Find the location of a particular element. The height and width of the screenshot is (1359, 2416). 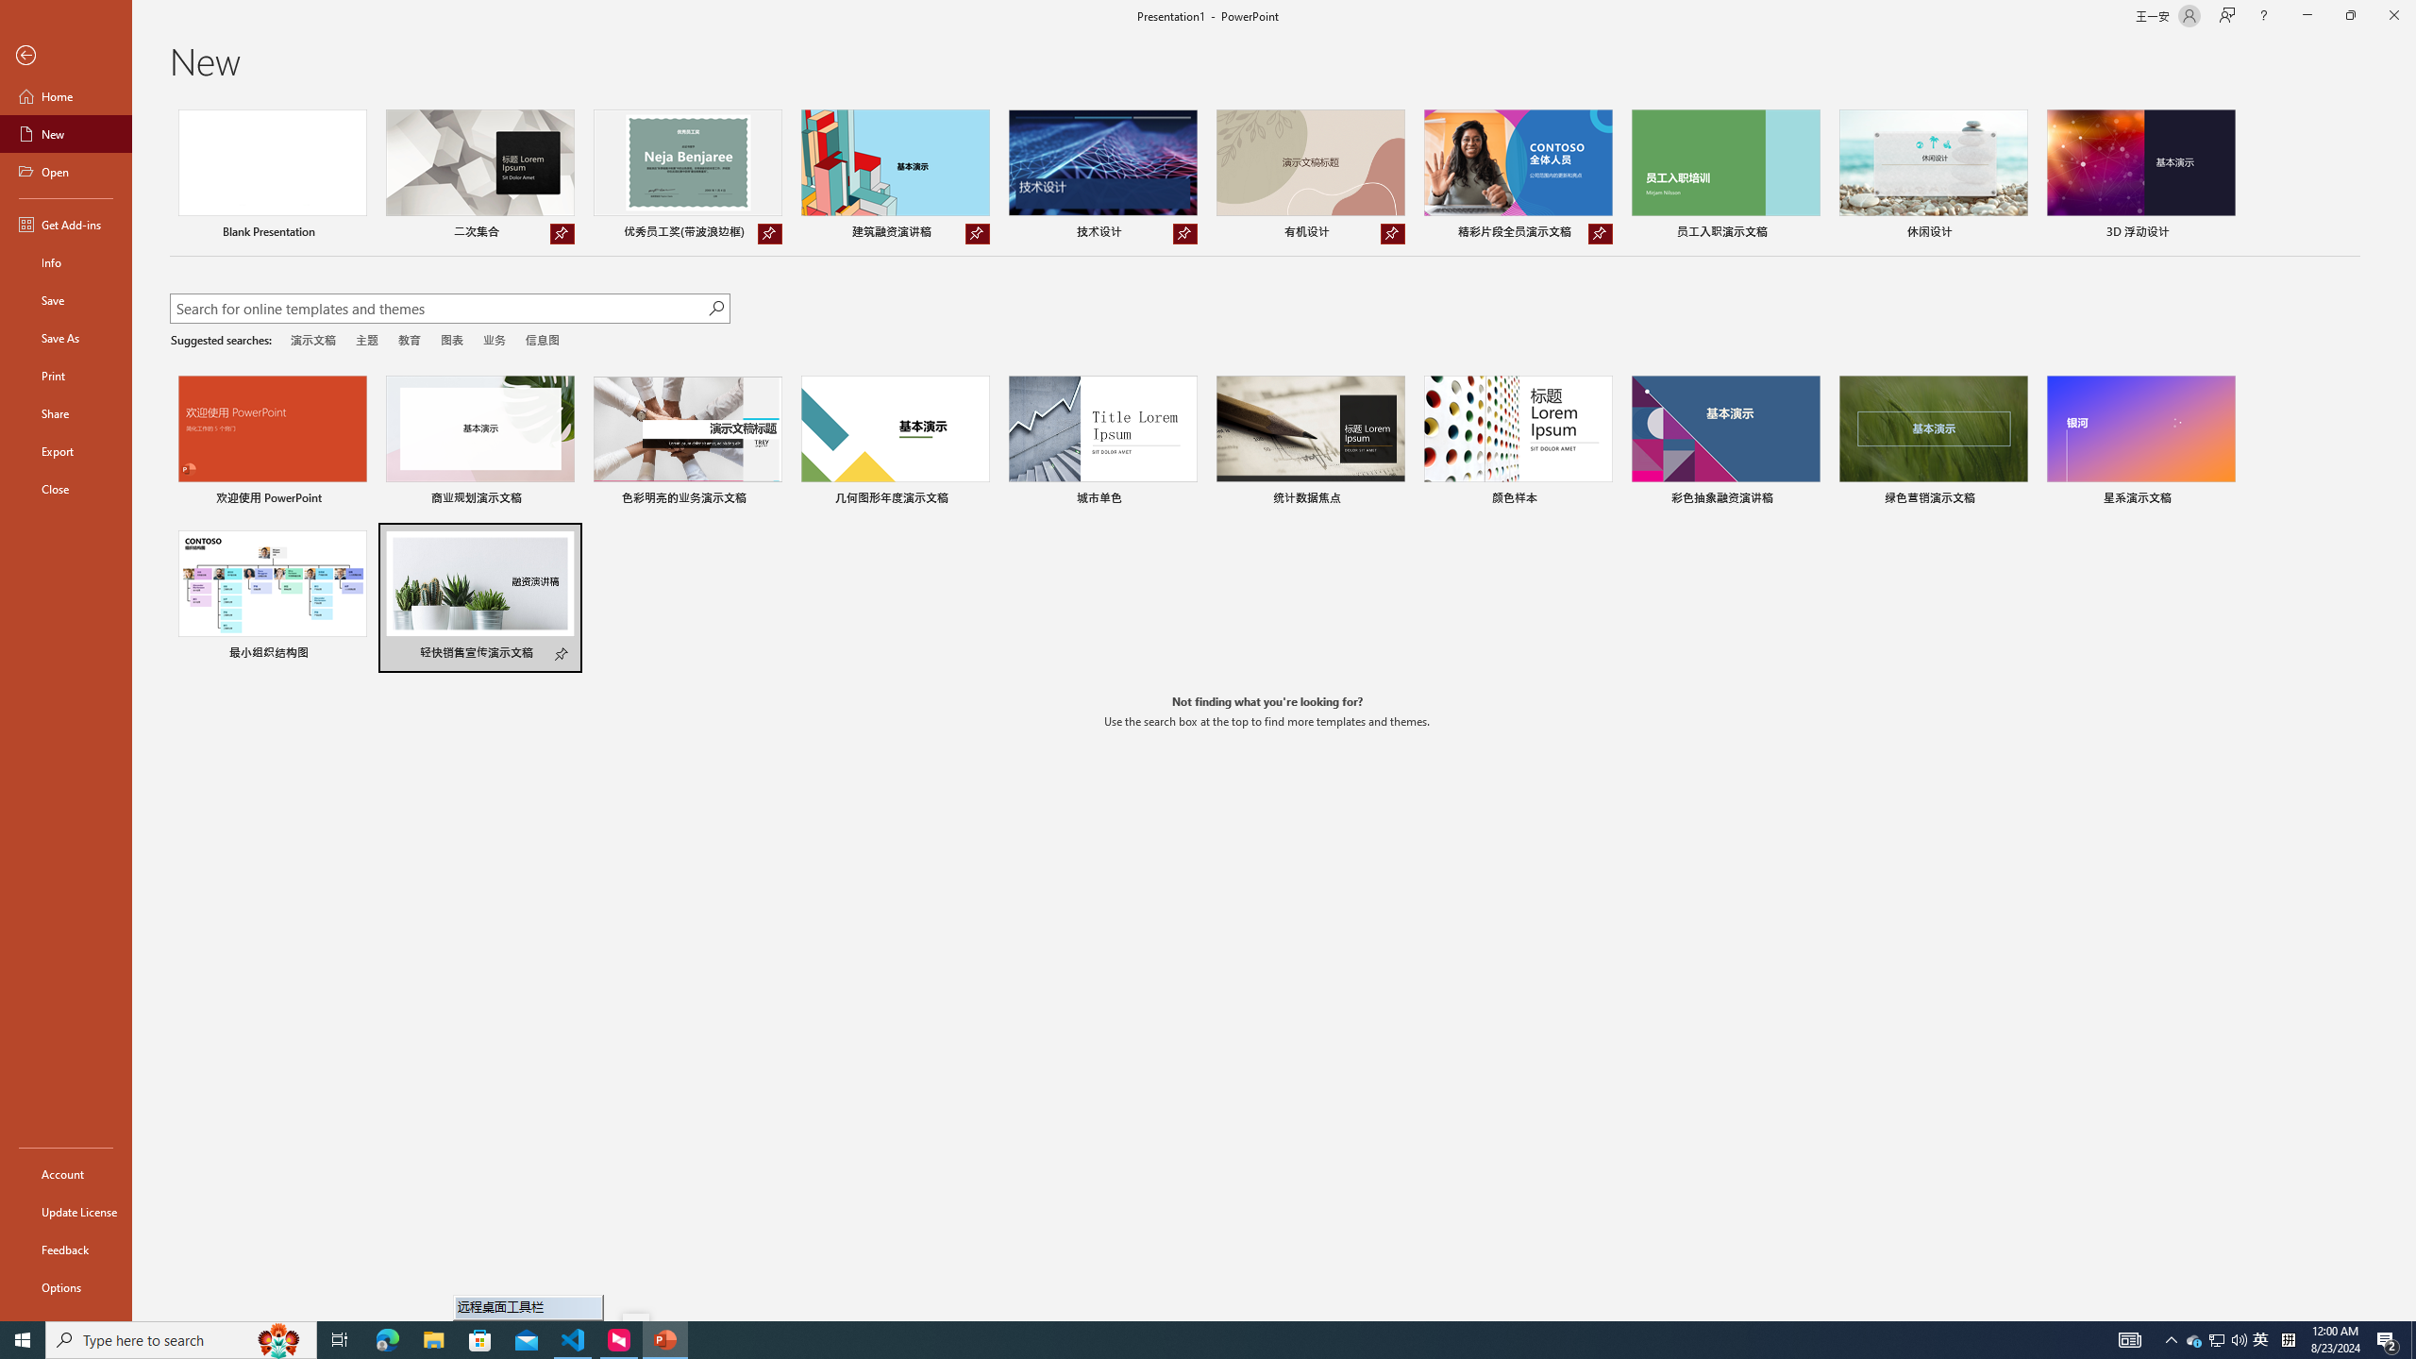

'Update License' is located at coordinates (65, 1211).